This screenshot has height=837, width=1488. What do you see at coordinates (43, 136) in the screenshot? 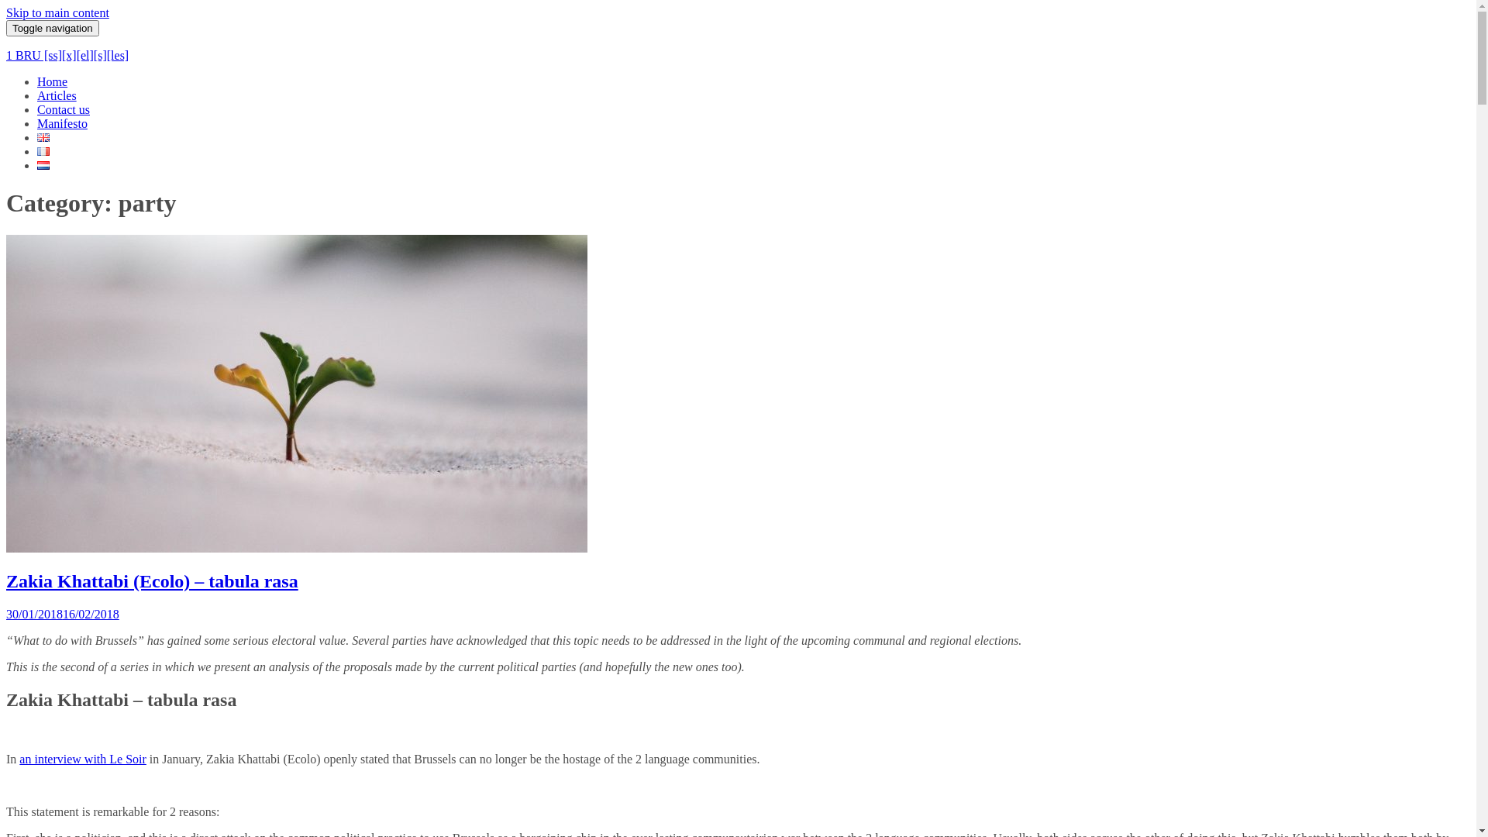
I see `'English'` at bounding box center [43, 136].